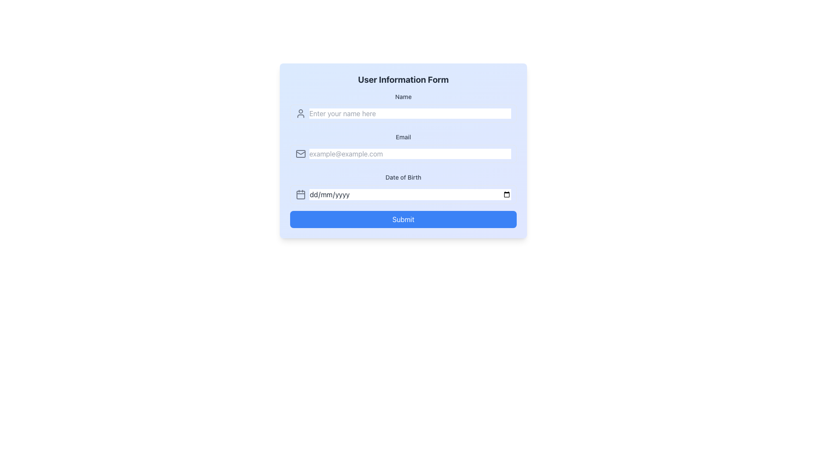 The image size is (824, 463). I want to click on the 'Name' label, which is a small text label displayed prominently in black font, located at the top-left corner of the user form above the input field, so click(403, 96).